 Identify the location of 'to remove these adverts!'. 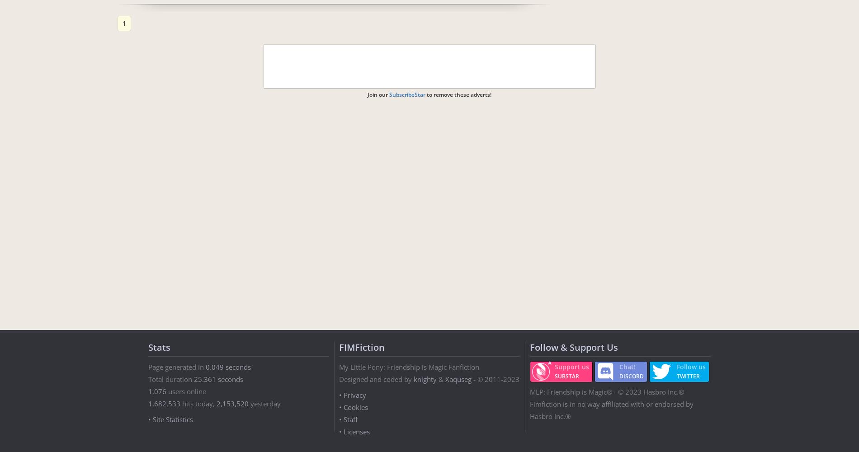
(458, 94).